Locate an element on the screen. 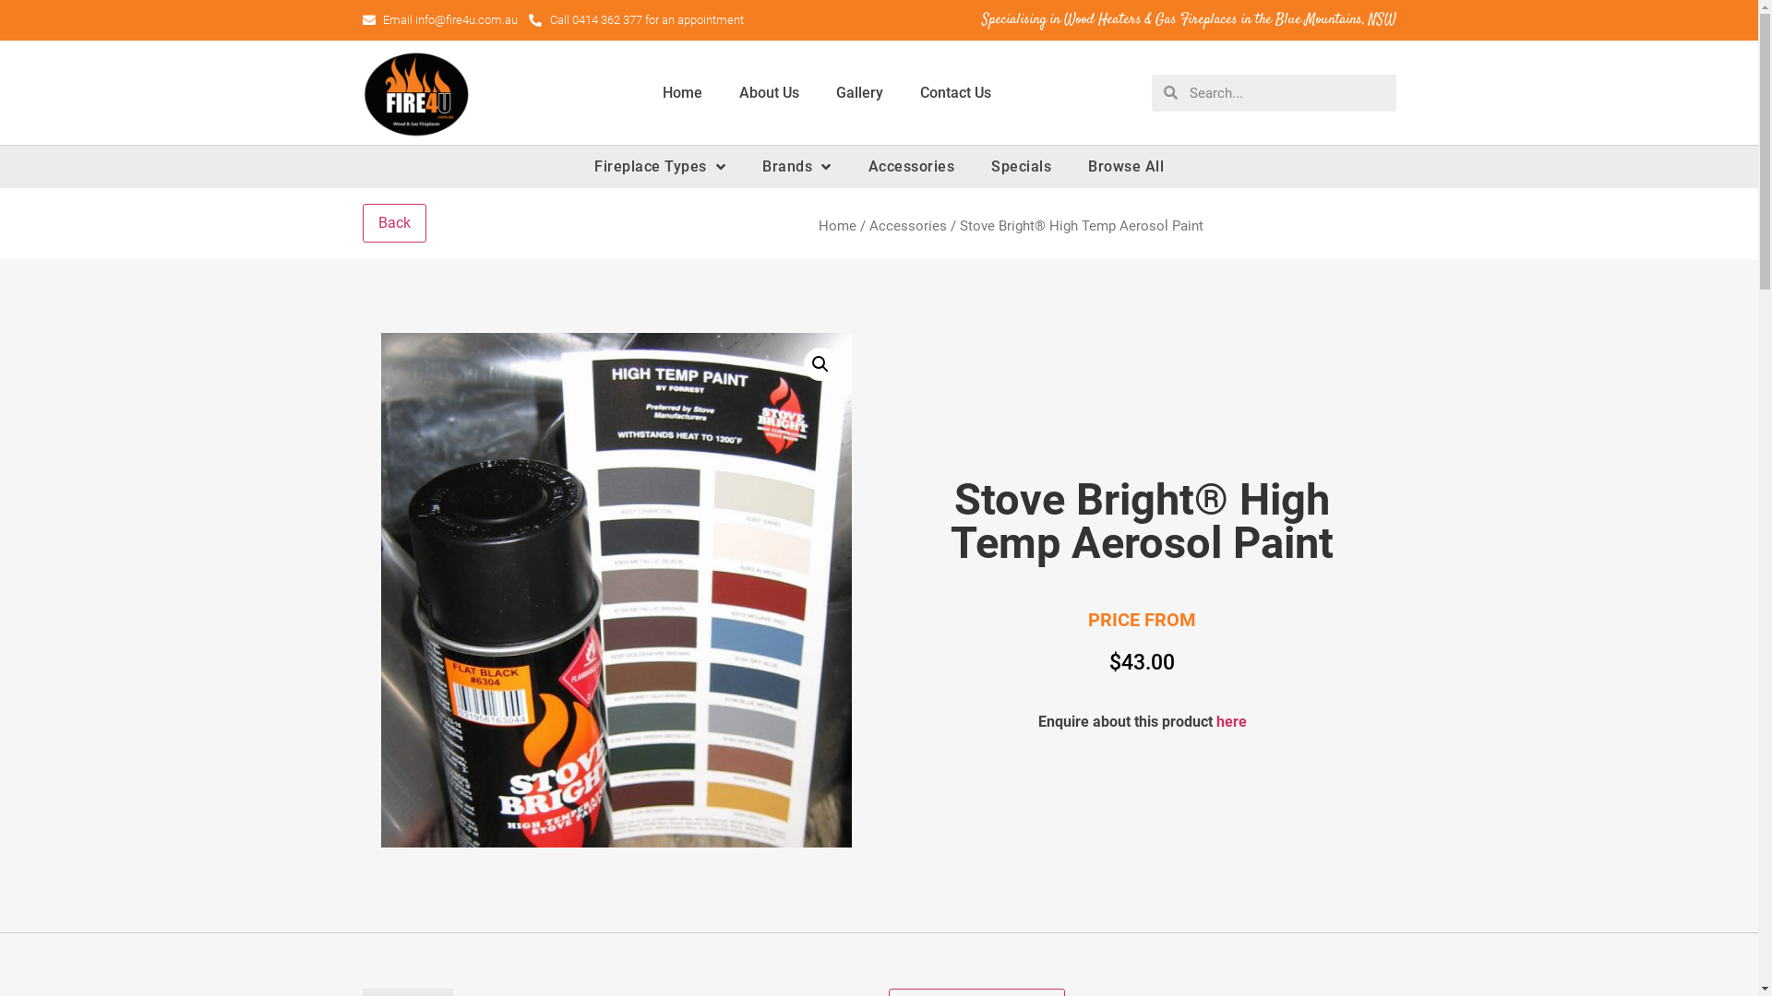 The image size is (1772, 996). 'Call 0414 362 377 for an appointment' is located at coordinates (636, 20).